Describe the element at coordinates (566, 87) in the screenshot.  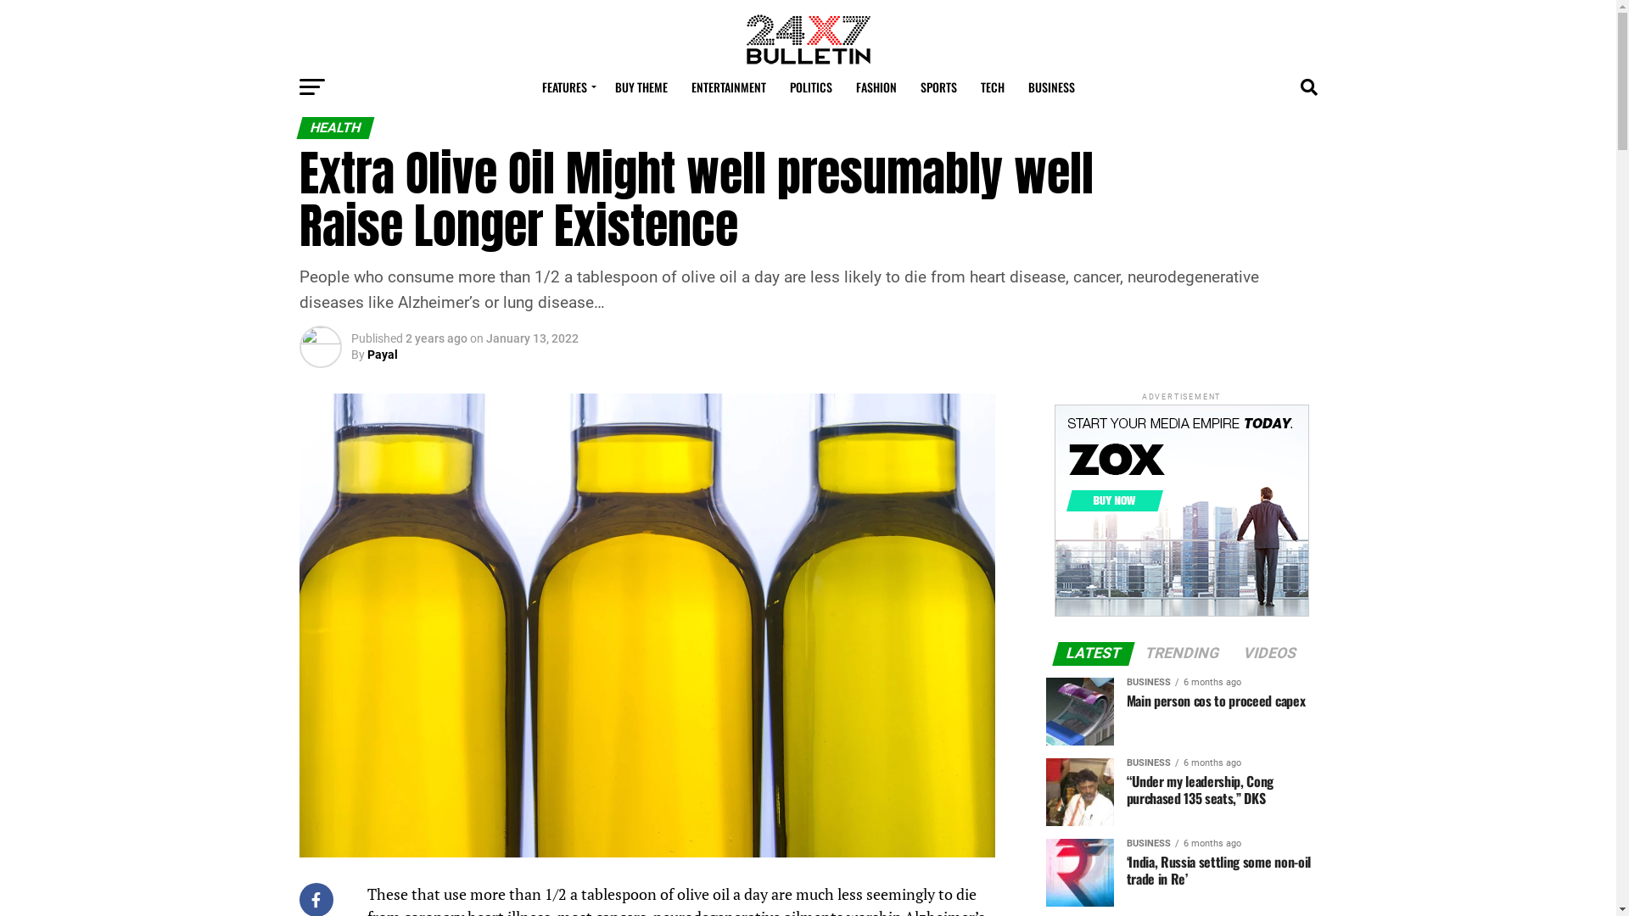
I see `'FEATURES'` at that location.